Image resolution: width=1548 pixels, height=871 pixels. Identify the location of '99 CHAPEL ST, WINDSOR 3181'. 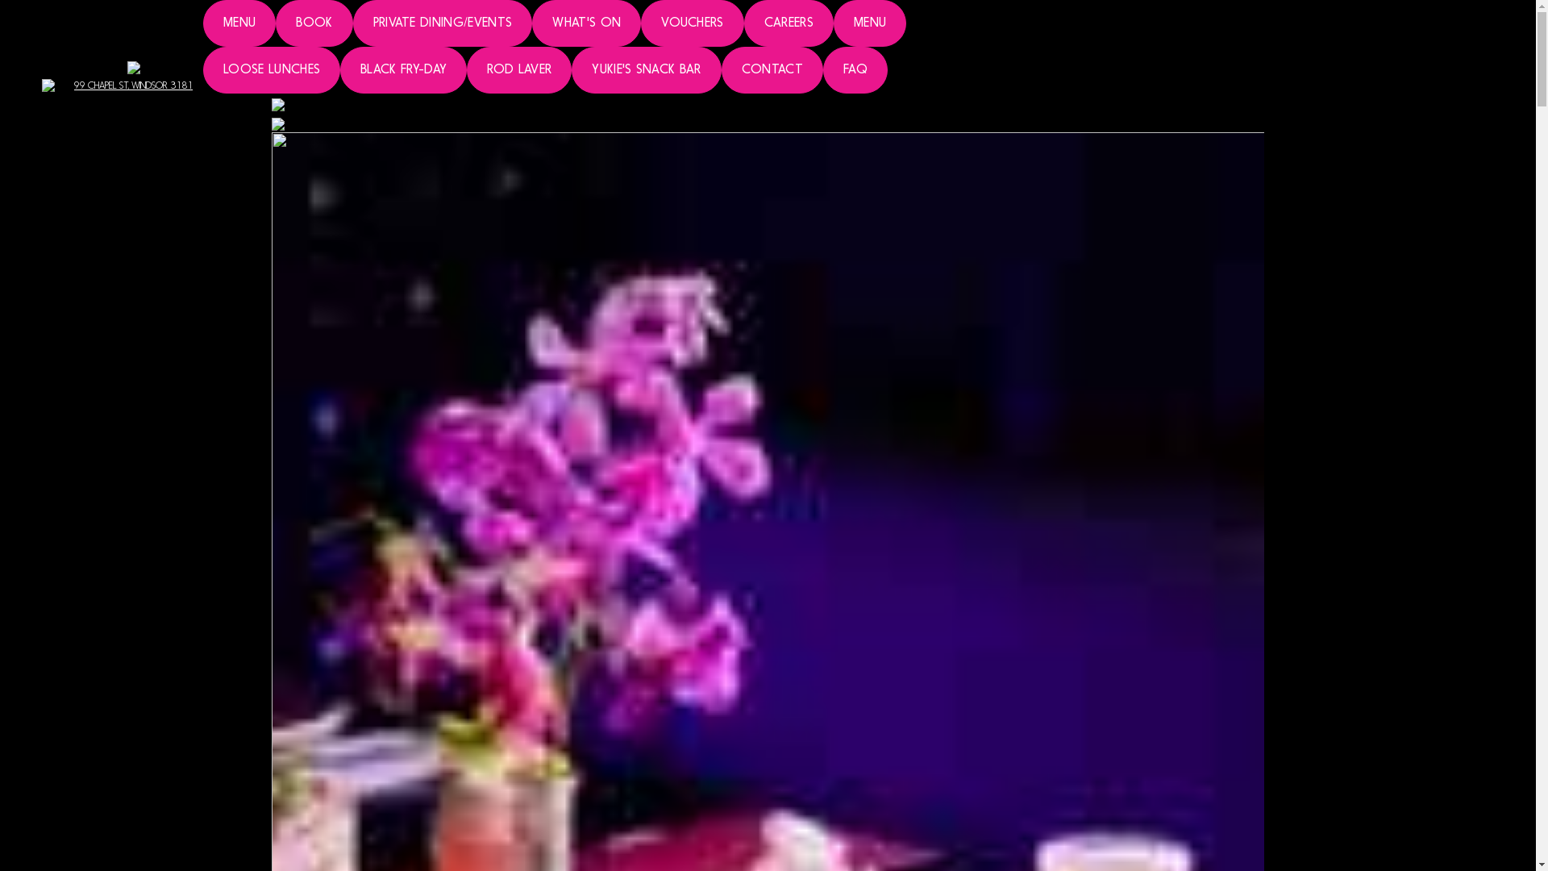
(133, 74).